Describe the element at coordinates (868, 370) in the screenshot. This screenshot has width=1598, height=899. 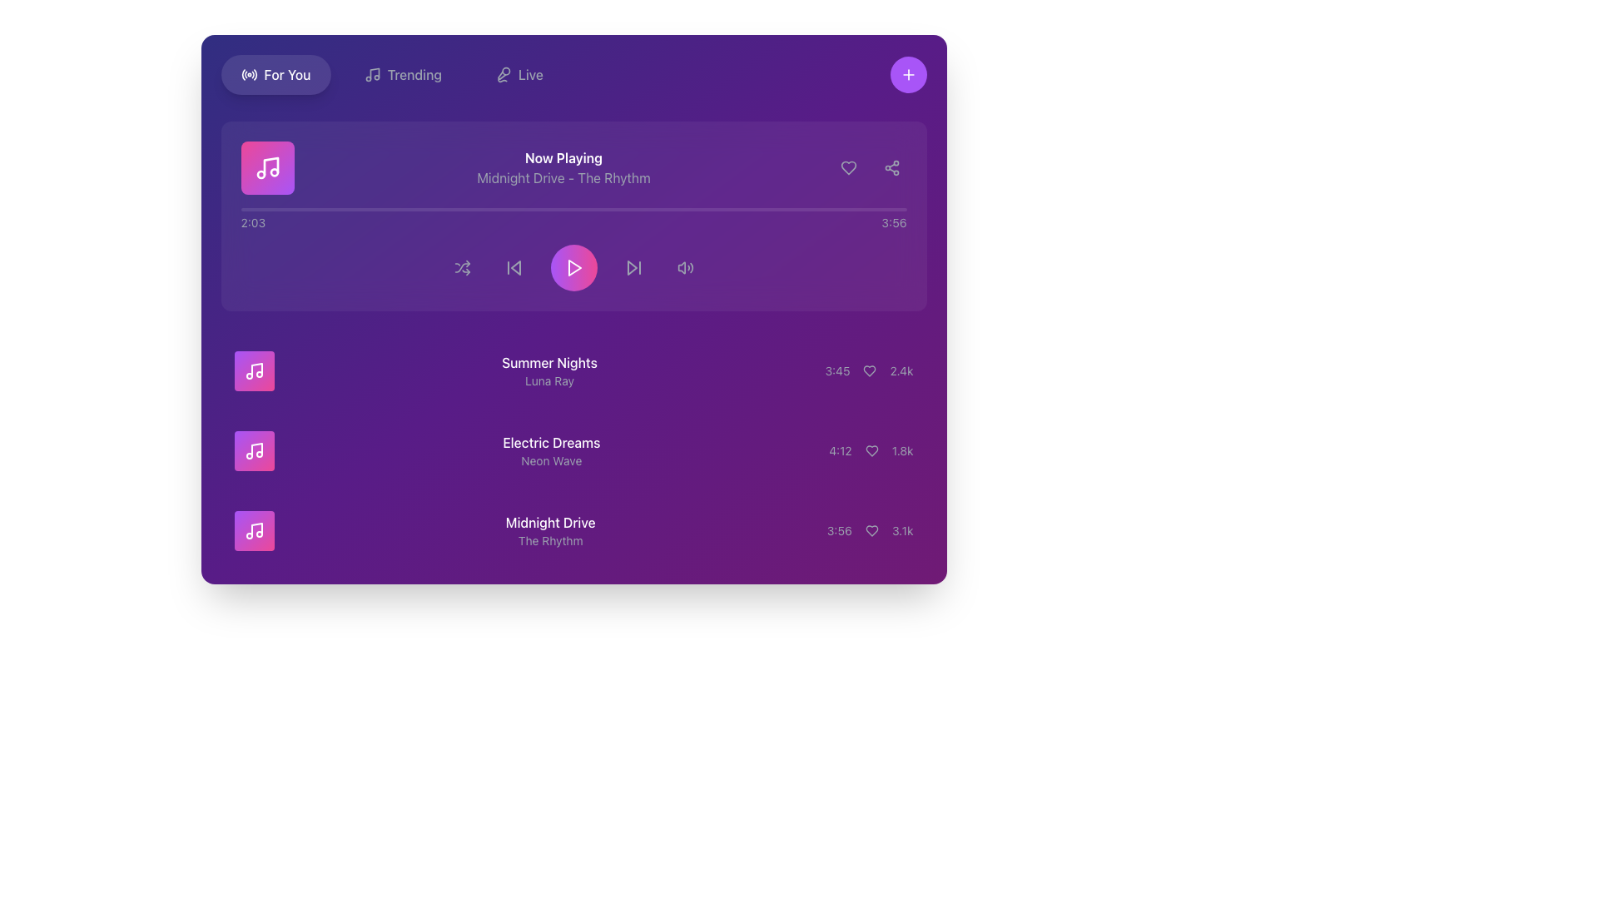
I see `the heart icon in the lower-right corner of the song information card to like the song 'Summer Nights' by Luna Ray` at that location.